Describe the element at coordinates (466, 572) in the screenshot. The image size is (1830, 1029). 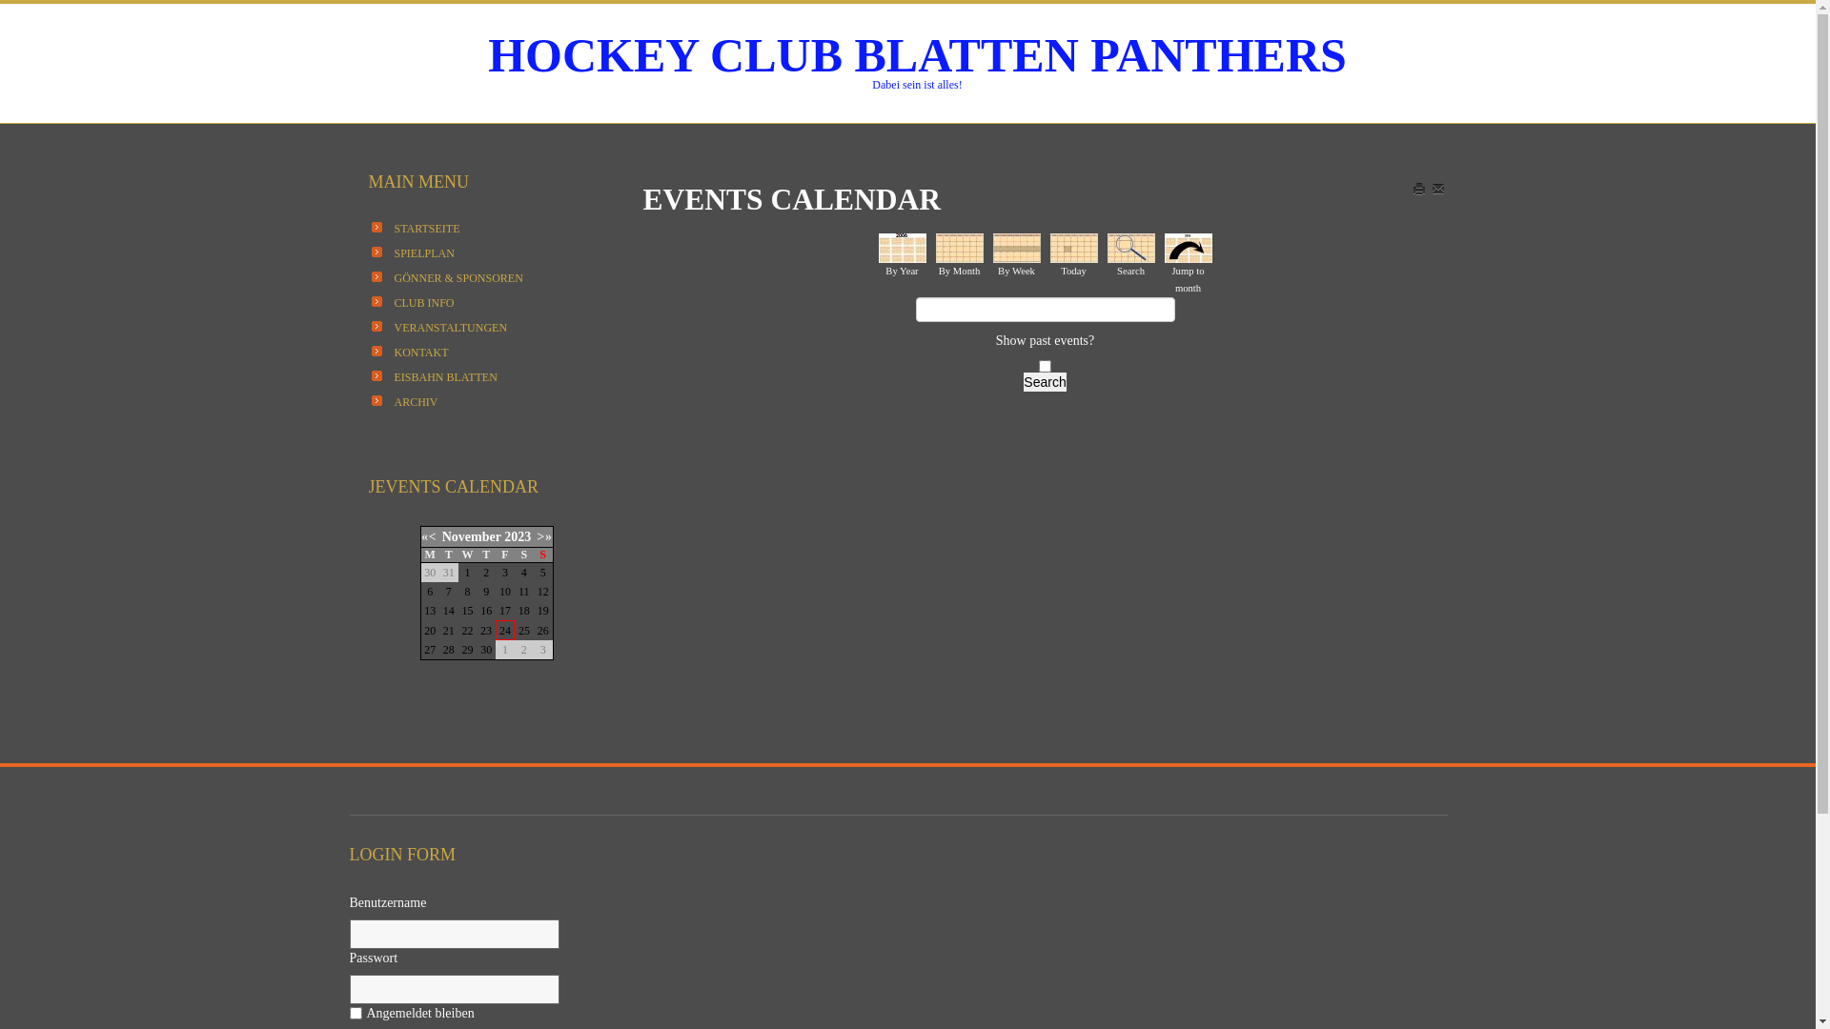
I see `'1'` at that location.